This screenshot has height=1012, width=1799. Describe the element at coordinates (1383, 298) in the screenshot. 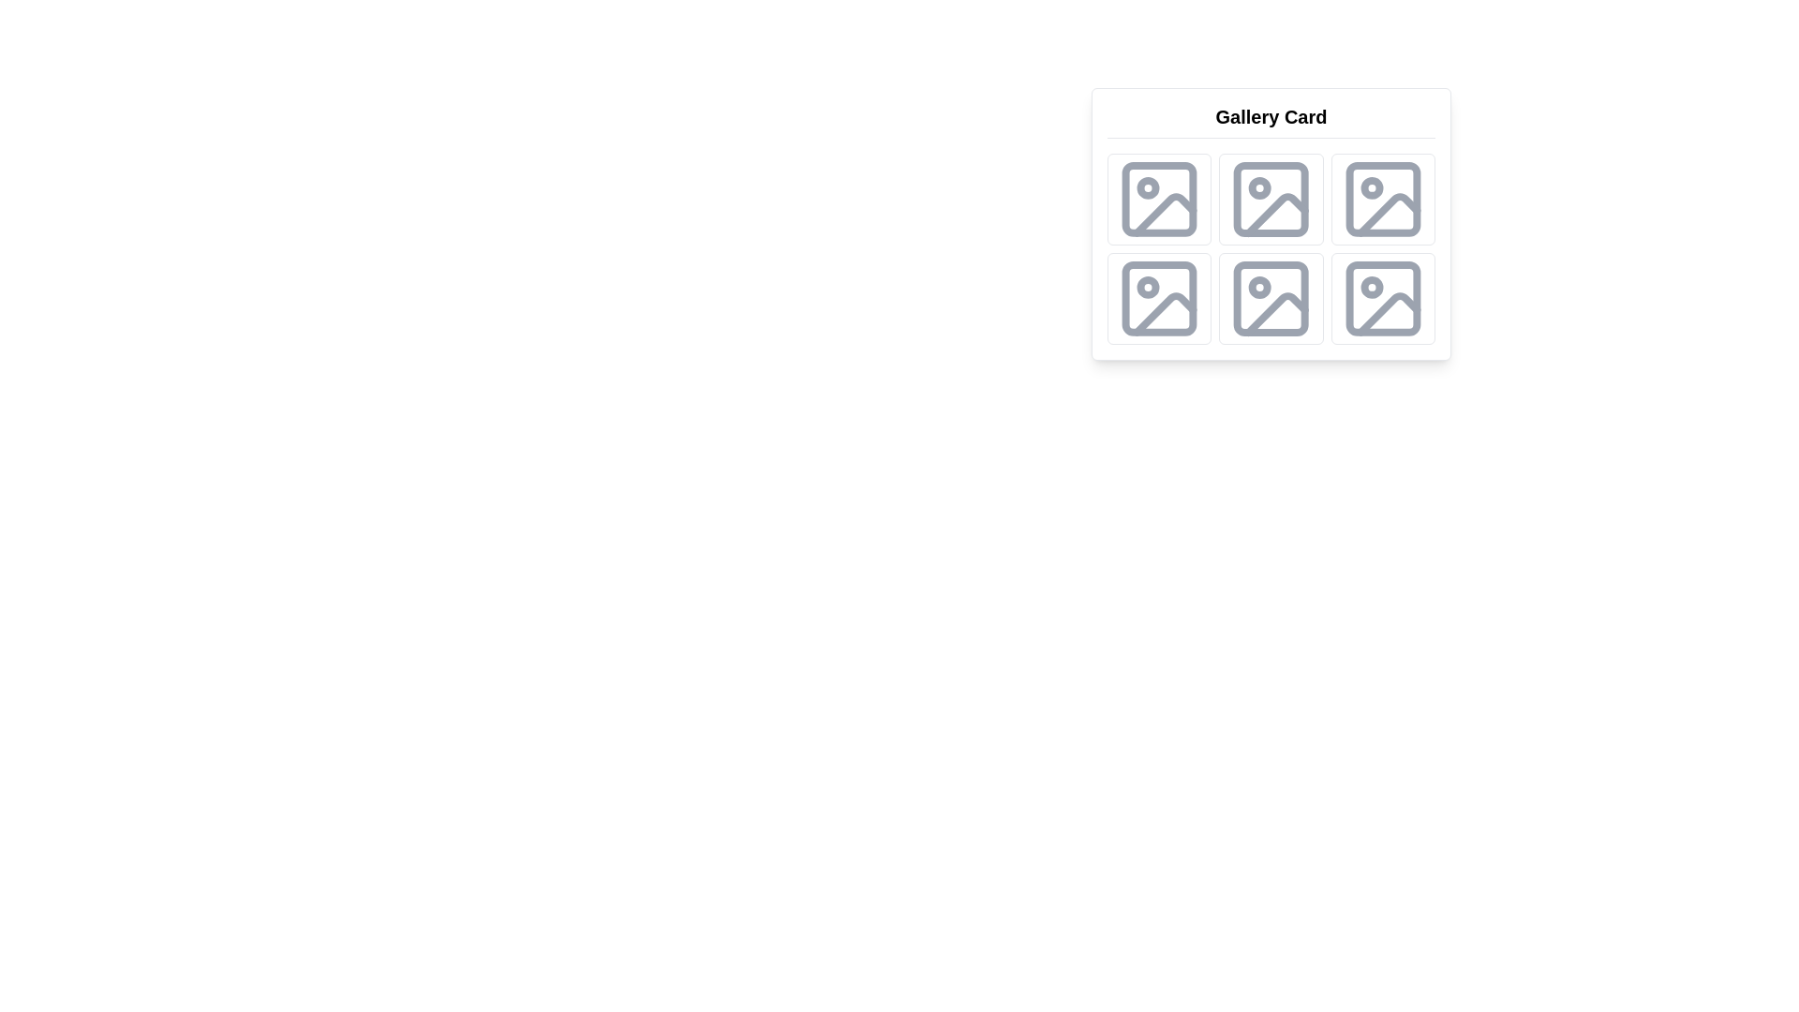

I see `the Gallery grid item labeled 'Caption 6', which features a gray icon resembling a picture with a circular mark and appears` at that location.